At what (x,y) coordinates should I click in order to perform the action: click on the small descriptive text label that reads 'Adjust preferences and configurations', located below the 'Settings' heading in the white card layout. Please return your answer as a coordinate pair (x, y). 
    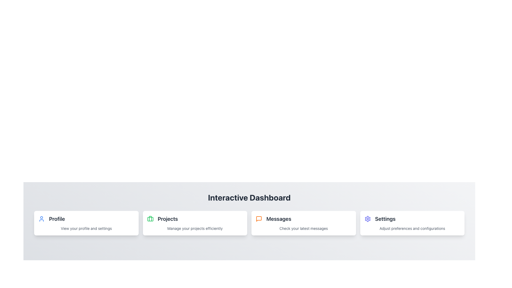
    Looking at the image, I should click on (412, 228).